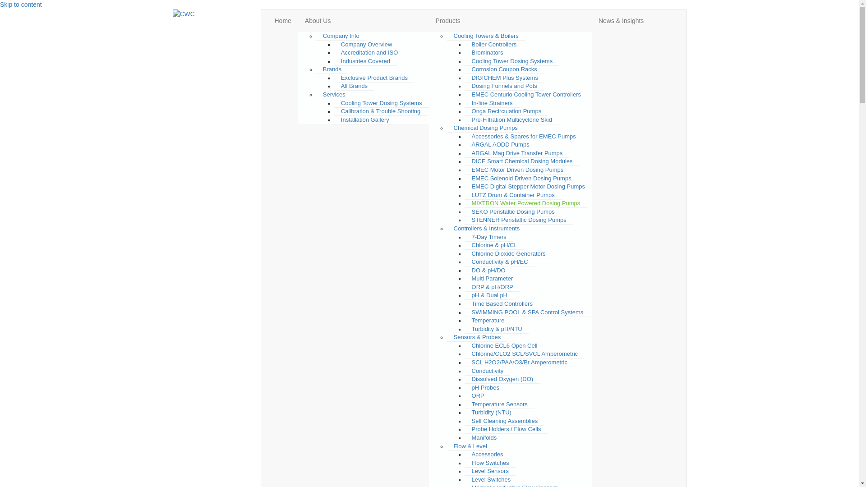 This screenshot has height=487, width=866. What do you see at coordinates (507, 429) in the screenshot?
I see `'Probe Holders / Flow Cells'` at bounding box center [507, 429].